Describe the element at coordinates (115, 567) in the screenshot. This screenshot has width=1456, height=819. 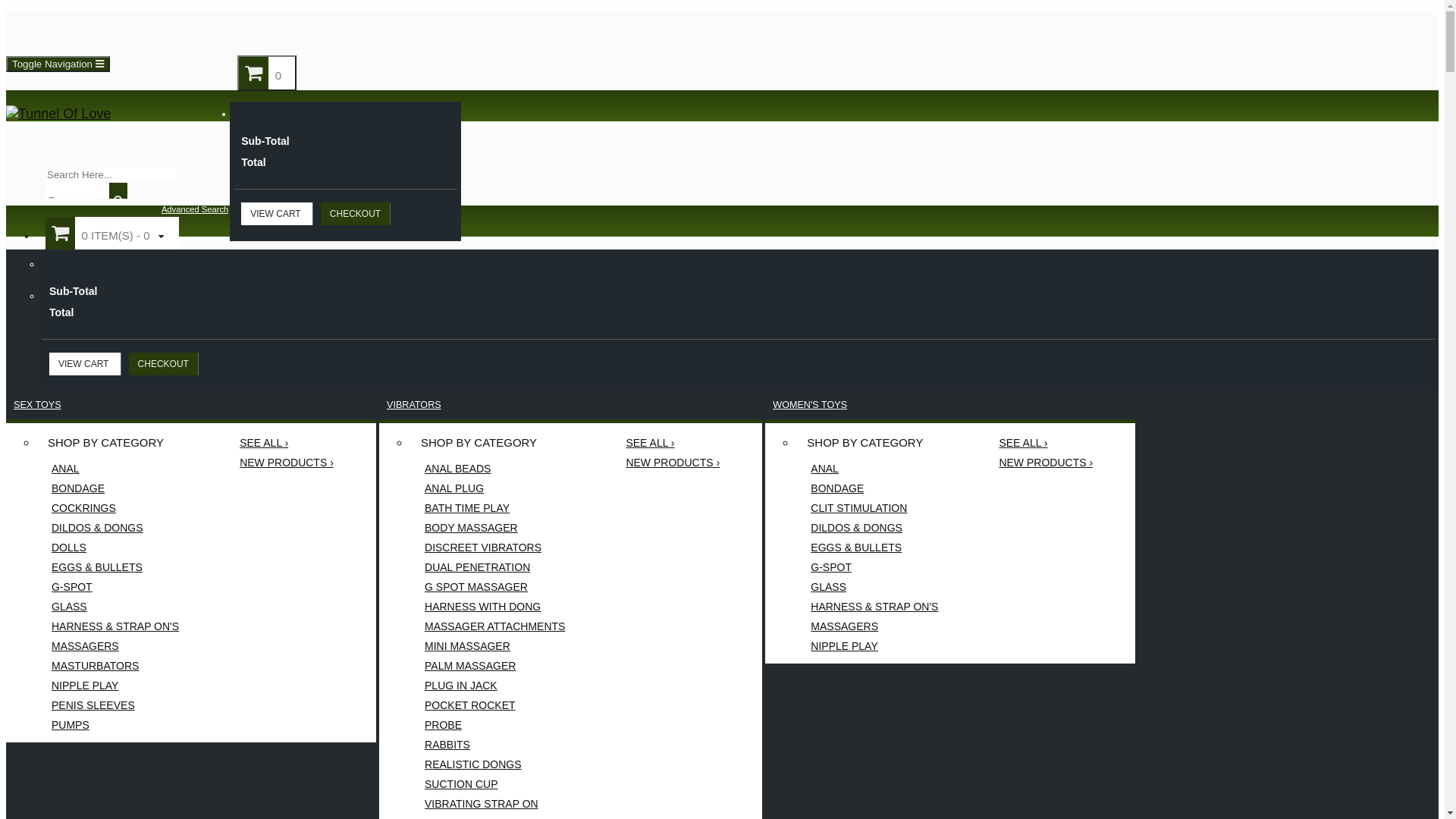
I see `'EGGS & BULLETS'` at that location.